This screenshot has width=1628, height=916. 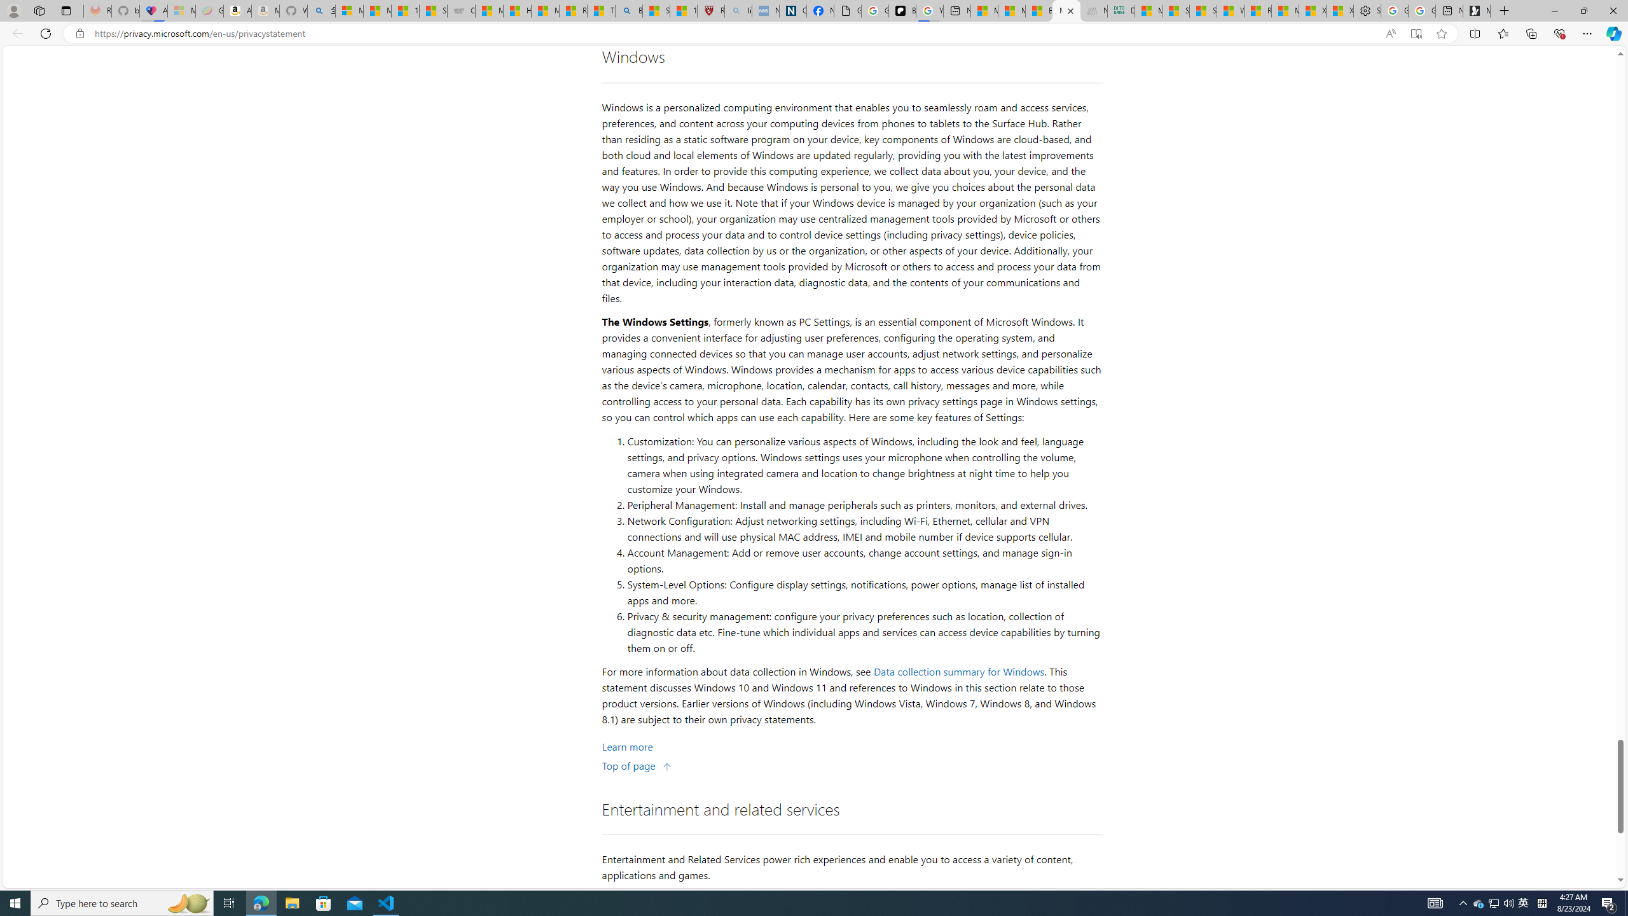 I want to click on 'Top of page', so click(x=637, y=765).